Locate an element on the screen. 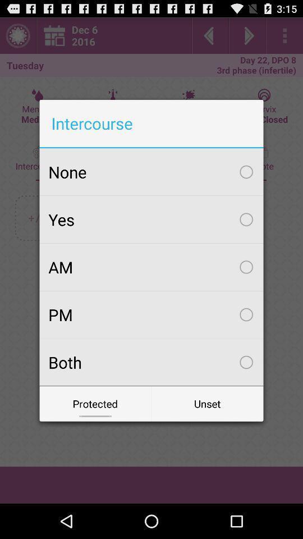 This screenshot has height=539, width=303. icon below am item is located at coordinates (151, 314).